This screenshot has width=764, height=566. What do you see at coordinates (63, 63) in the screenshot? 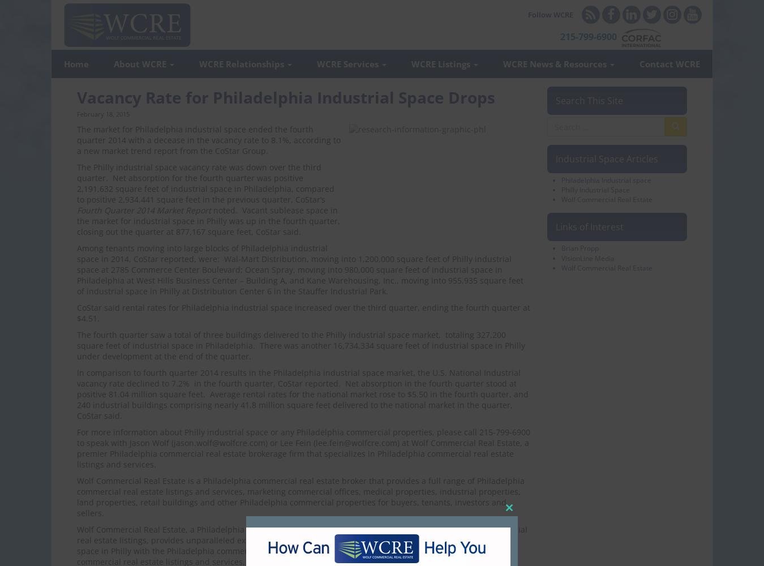
I see `'Home'` at bounding box center [63, 63].